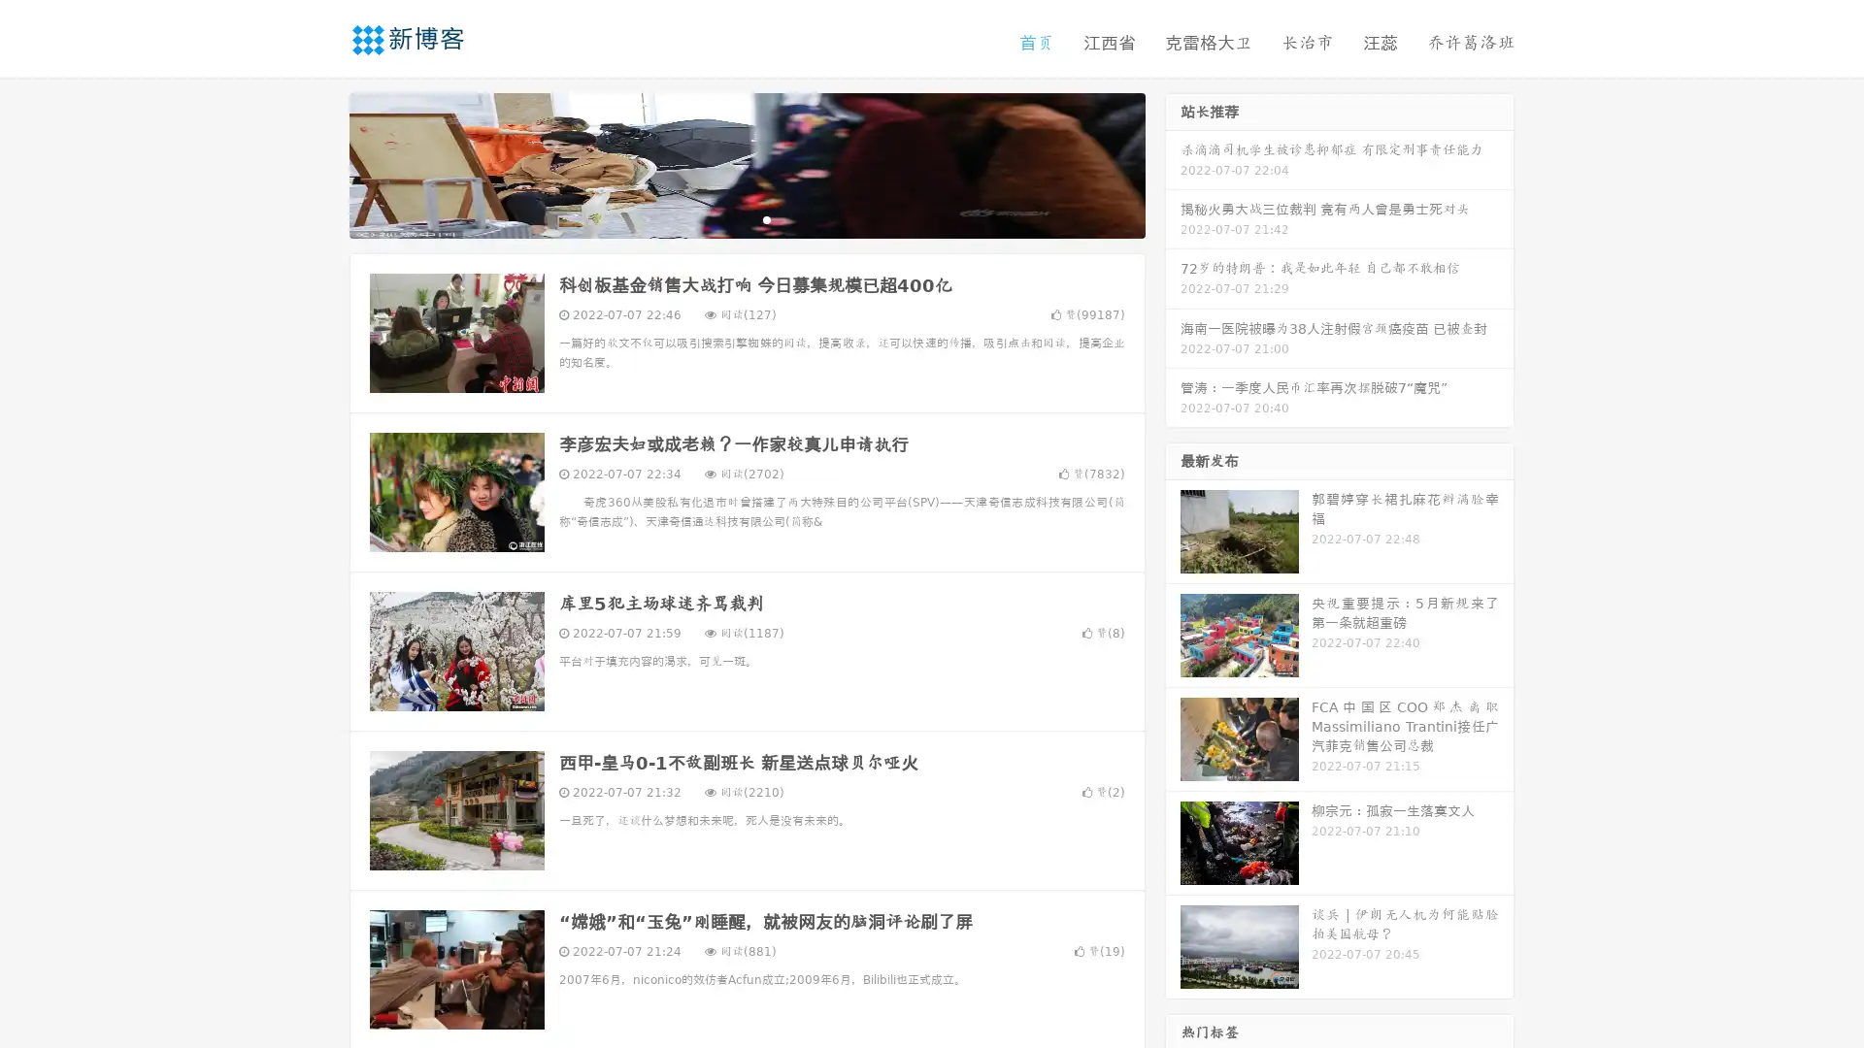 This screenshot has height=1048, width=1864. What do you see at coordinates (1173, 163) in the screenshot?
I see `Next slide` at bounding box center [1173, 163].